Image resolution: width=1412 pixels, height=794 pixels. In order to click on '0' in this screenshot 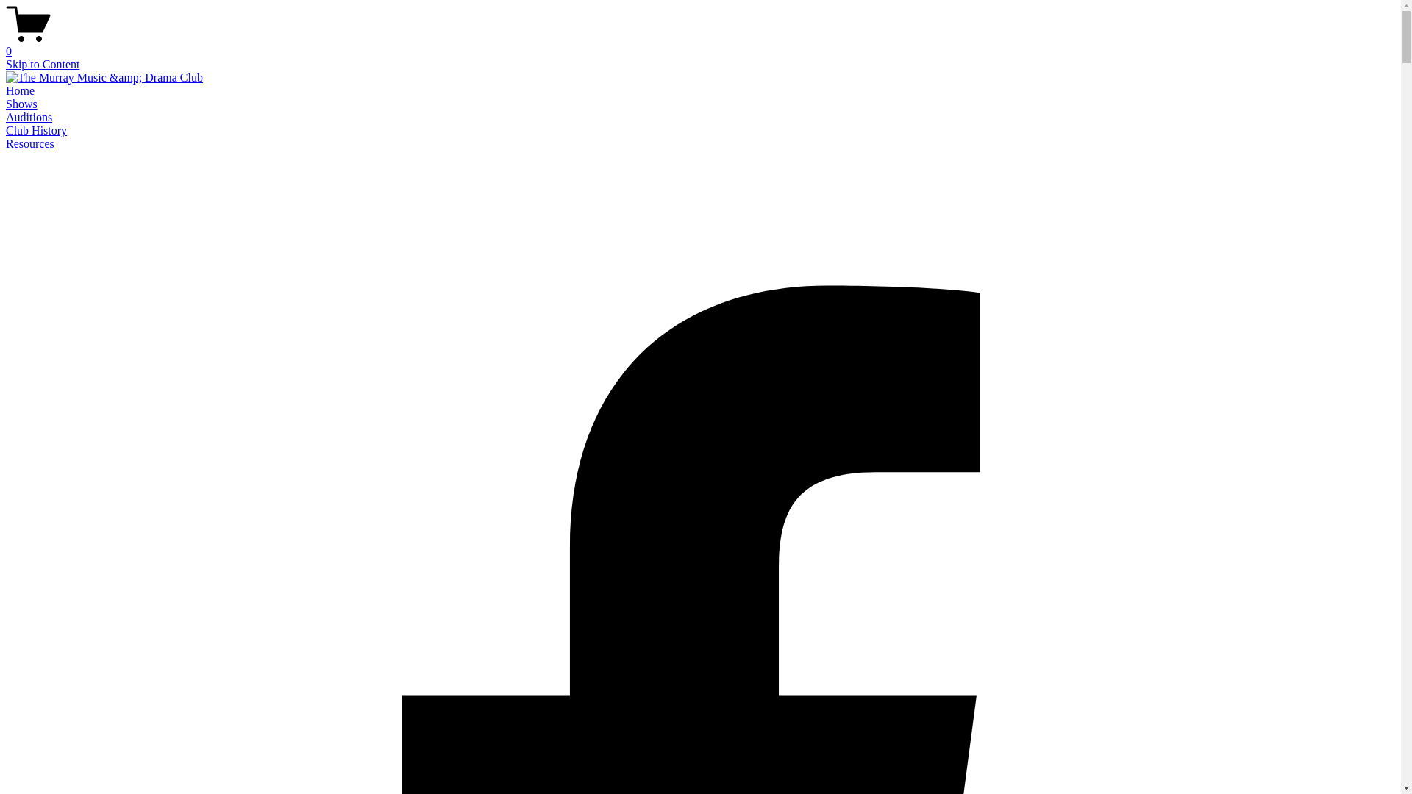, I will do `click(6, 44)`.